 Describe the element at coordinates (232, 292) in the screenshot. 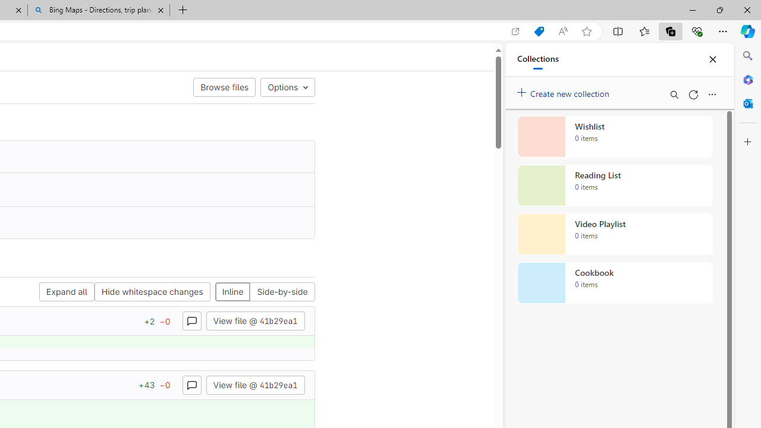

I see `'Inline'` at that location.